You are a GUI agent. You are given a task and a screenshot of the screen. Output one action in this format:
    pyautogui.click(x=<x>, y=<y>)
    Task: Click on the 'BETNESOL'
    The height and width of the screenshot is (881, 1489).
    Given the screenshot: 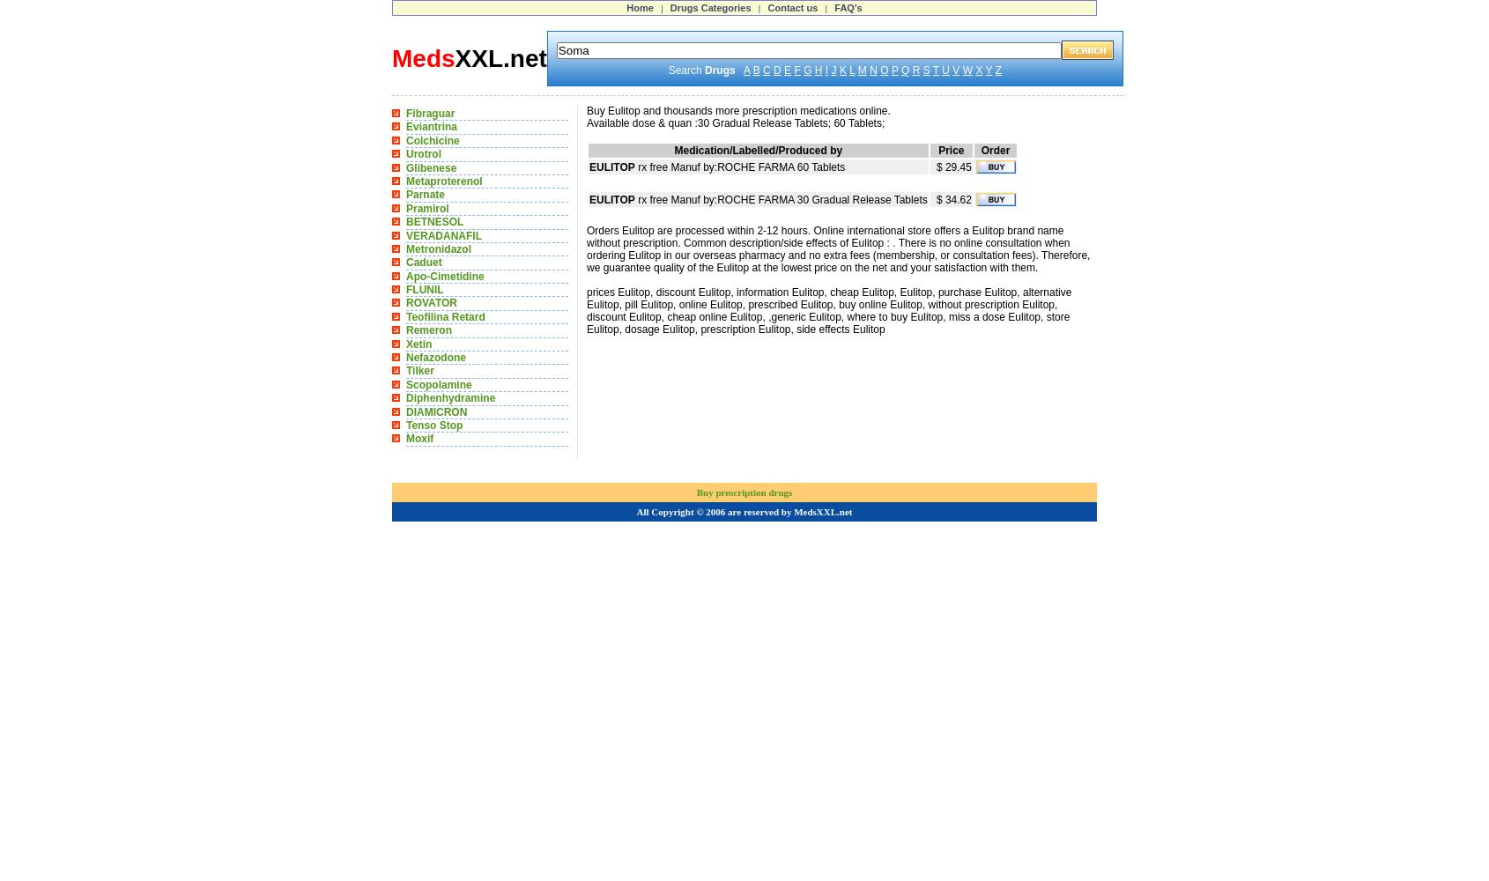 What is the action you would take?
    pyautogui.click(x=434, y=222)
    